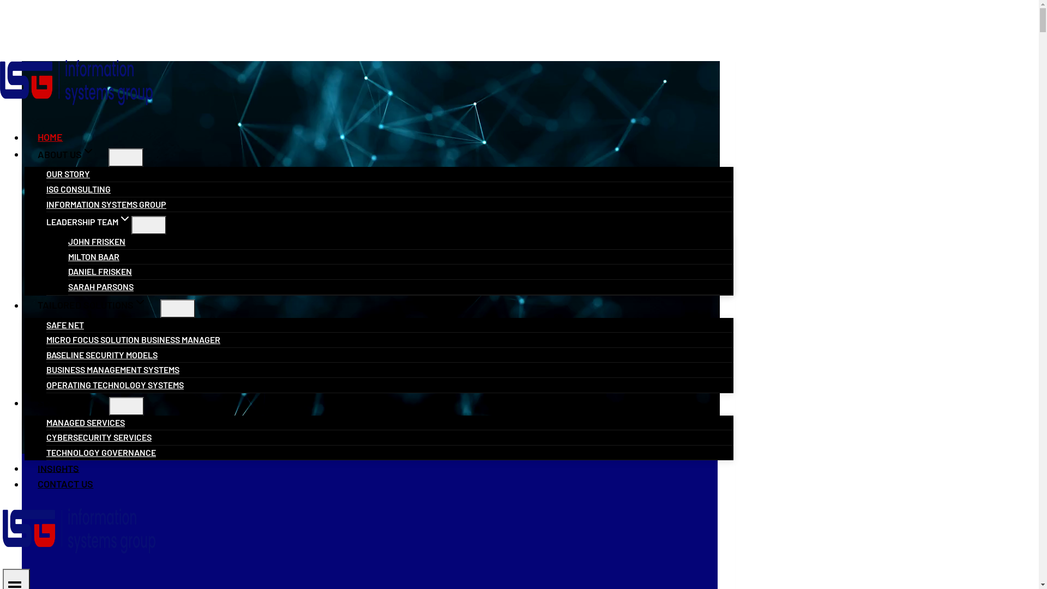 This screenshot has height=589, width=1047. What do you see at coordinates (92, 305) in the screenshot?
I see `'TAILORED SOLUTIONSEXPAND'` at bounding box center [92, 305].